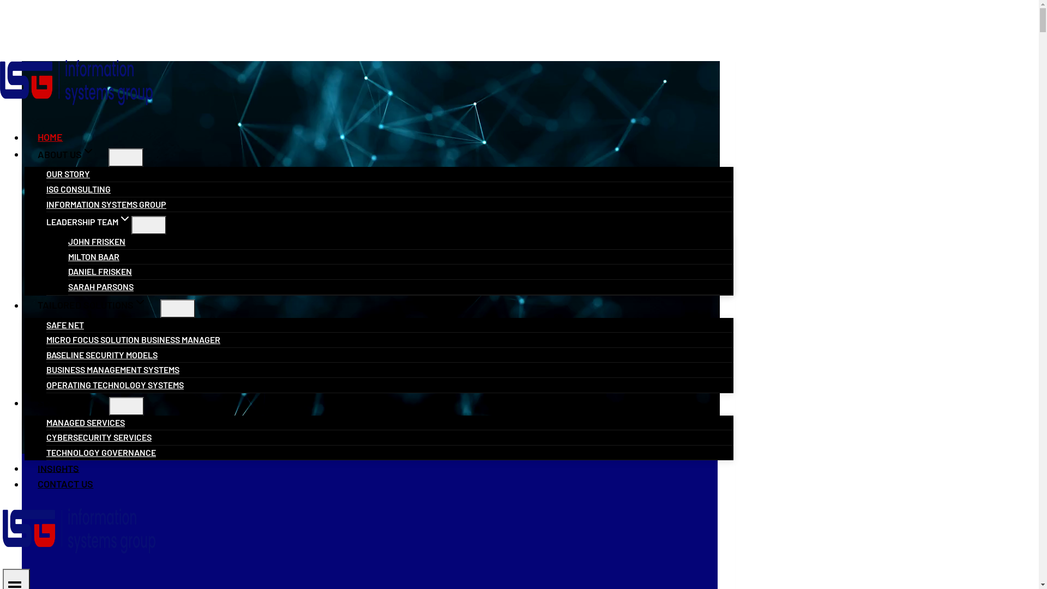 This screenshot has height=589, width=1047. What do you see at coordinates (92, 305) in the screenshot?
I see `'TAILORED SOLUTIONSEXPAND'` at bounding box center [92, 305].